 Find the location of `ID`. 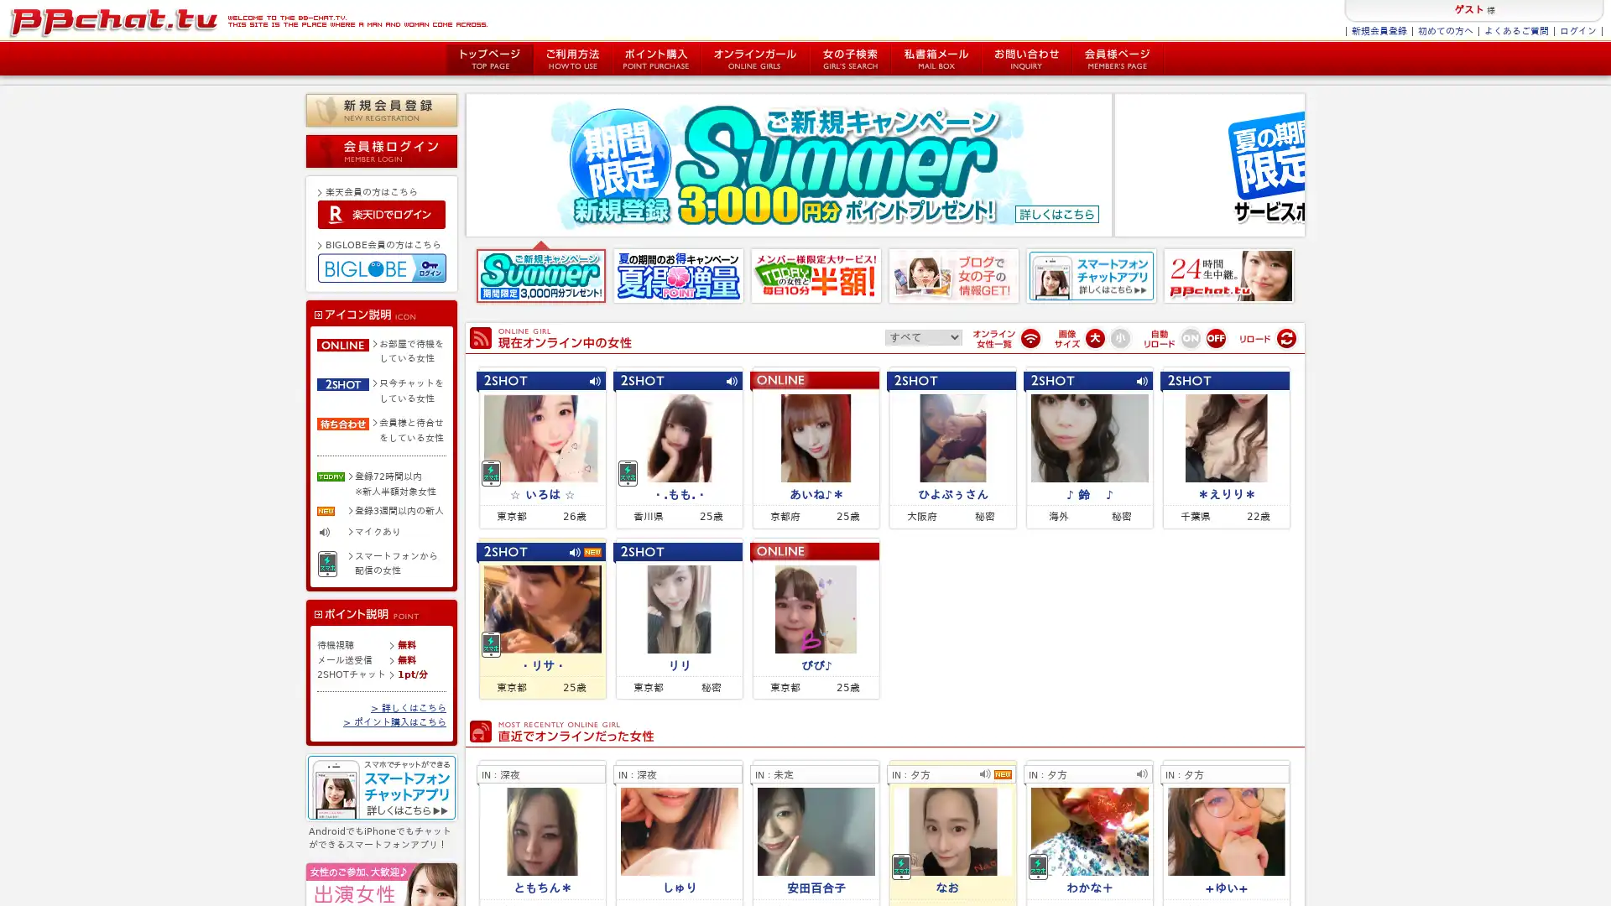

ID is located at coordinates (381, 212).